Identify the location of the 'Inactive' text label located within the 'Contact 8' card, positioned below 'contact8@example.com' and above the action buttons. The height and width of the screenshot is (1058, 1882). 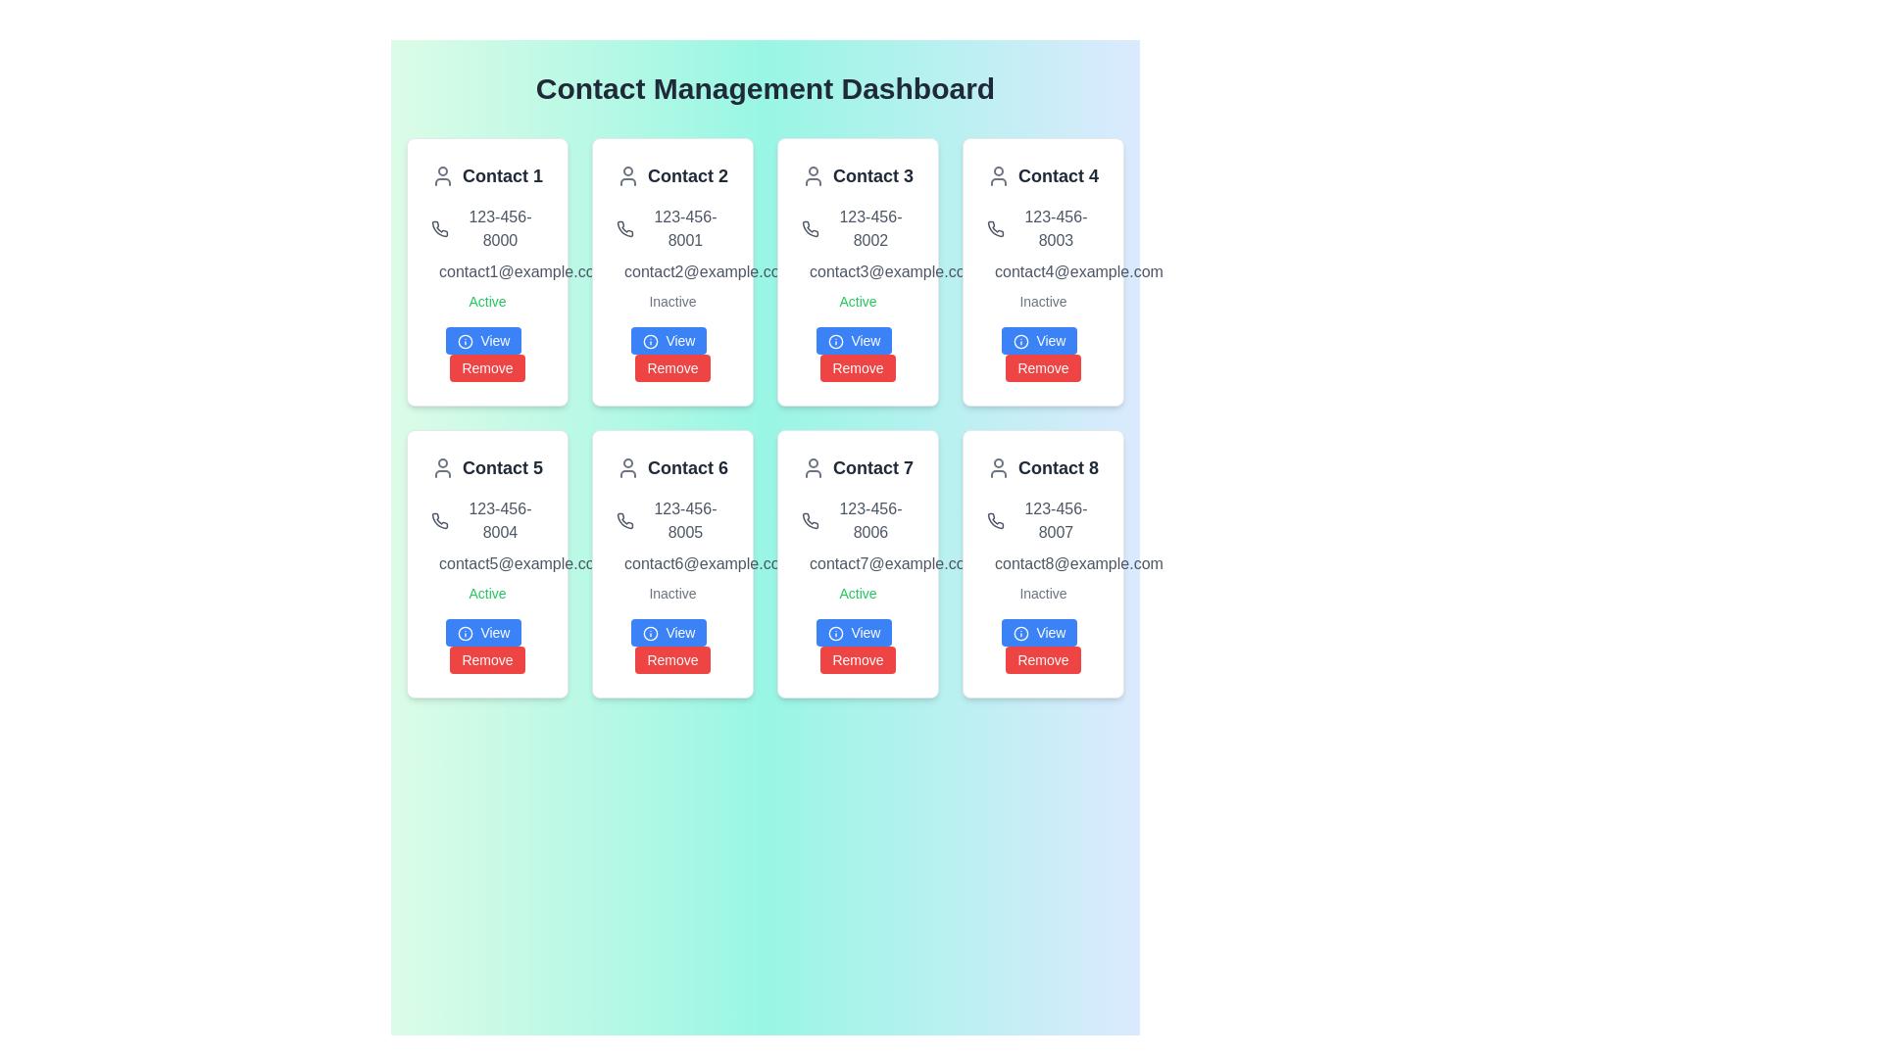
(1042, 592).